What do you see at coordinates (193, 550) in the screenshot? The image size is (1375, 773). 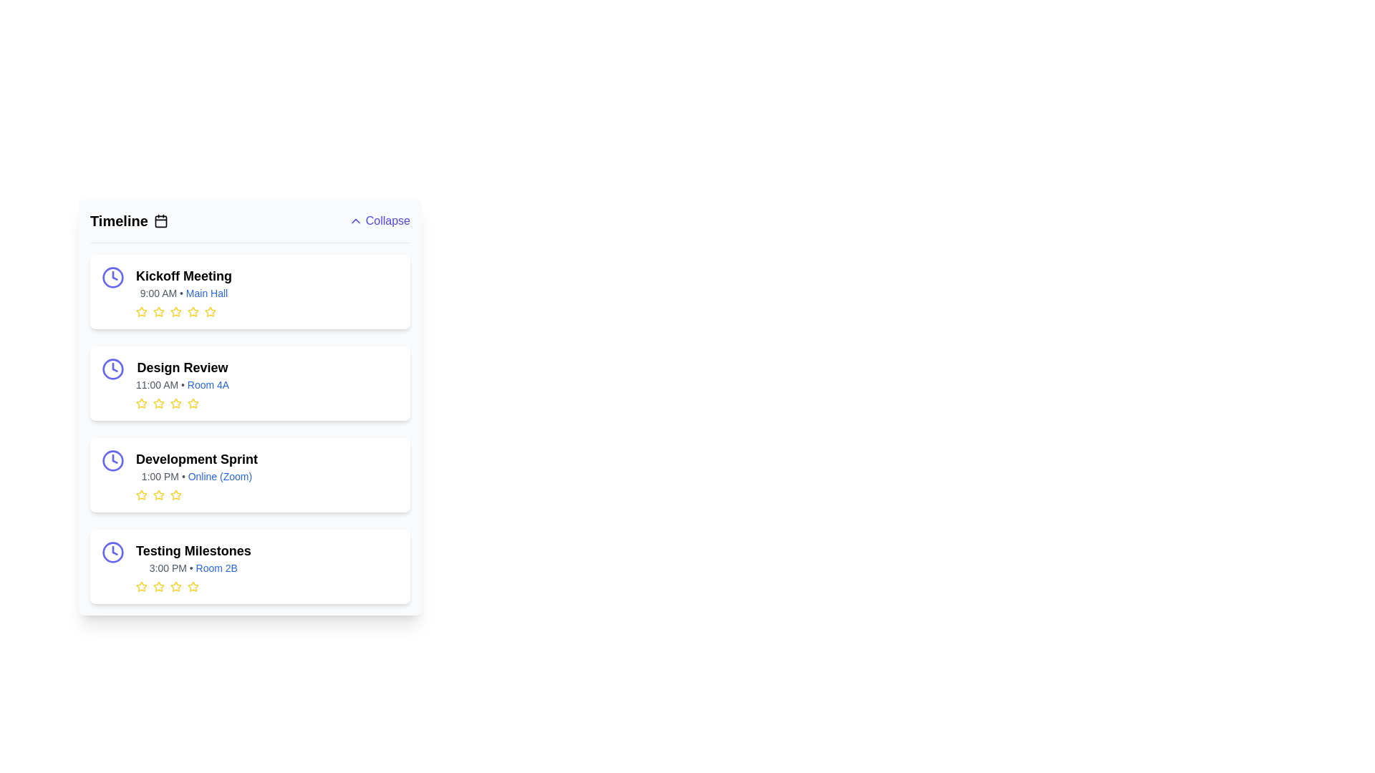 I see `the Header text located in the fourth item block of the vertical timeline list, positioned directly above the subtitle '3:00 PM • Room 2B'` at bounding box center [193, 550].